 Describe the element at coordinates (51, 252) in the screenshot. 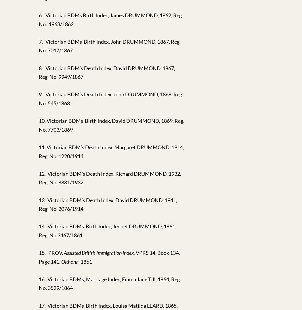

I see `'15.   PROV,'` at that location.